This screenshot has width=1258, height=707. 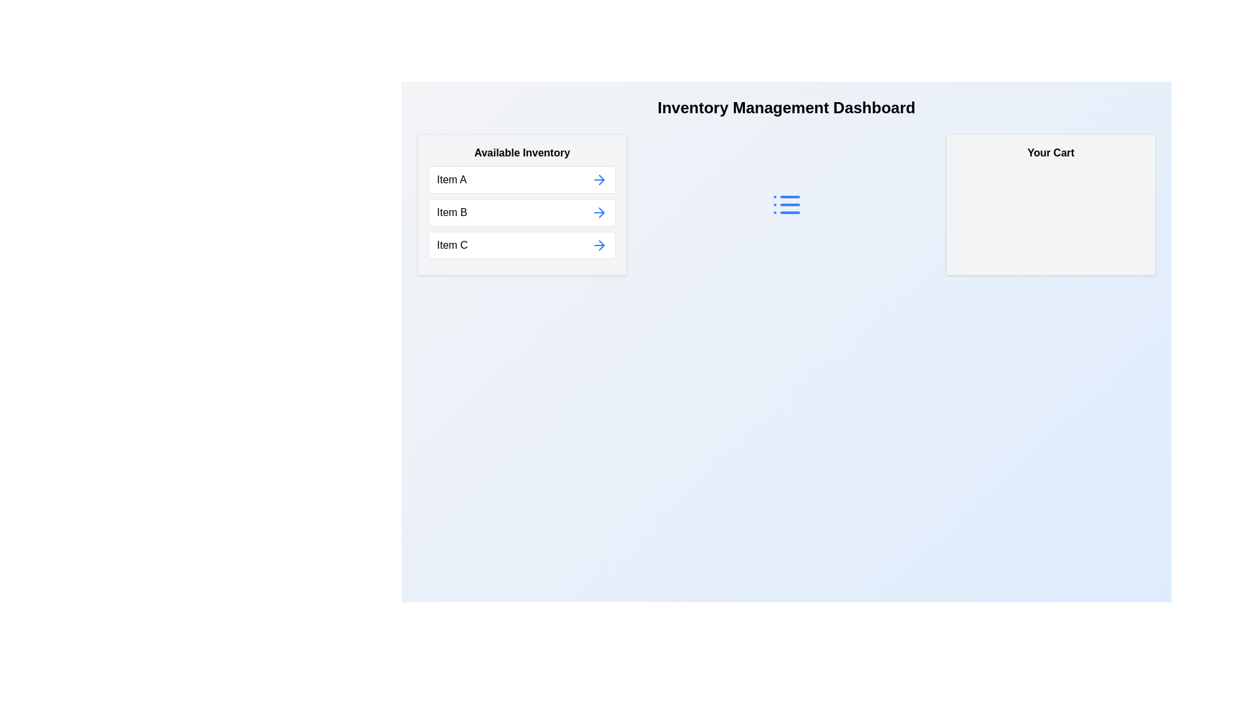 I want to click on the arrow button next to Item C in 'Available Inventory' to move it to 'Your Cart', so click(x=599, y=245).